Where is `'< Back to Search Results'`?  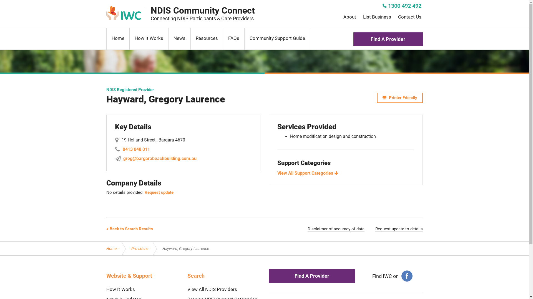
'< Back to Search Results' is located at coordinates (129, 229).